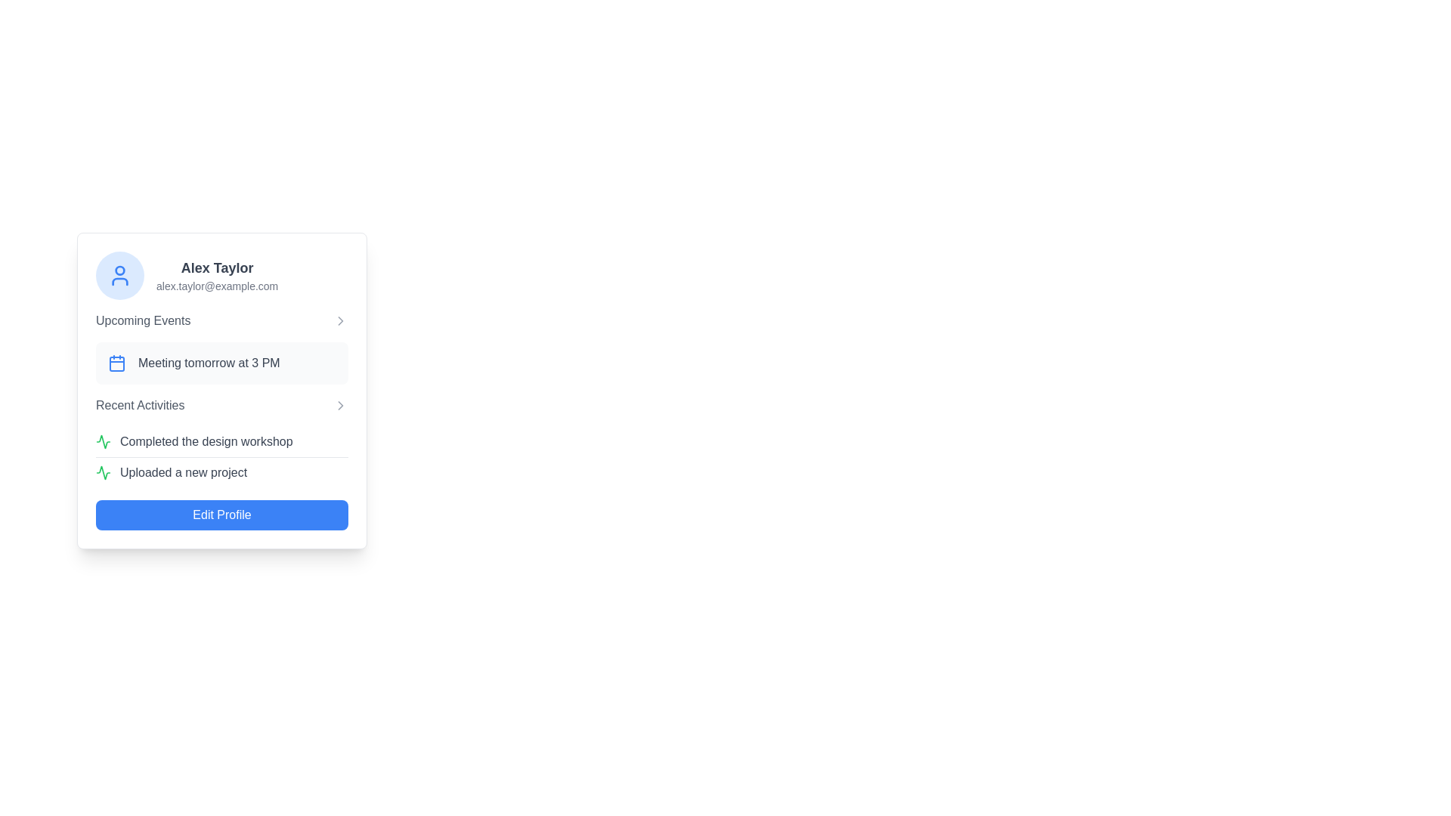 This screenshot has width=1451, height=816. What do you see at coordinates (221, 456) in the screenshot?
I see `an individual activity in the 'Recent Activities' list` at bounding box center [221, 456].